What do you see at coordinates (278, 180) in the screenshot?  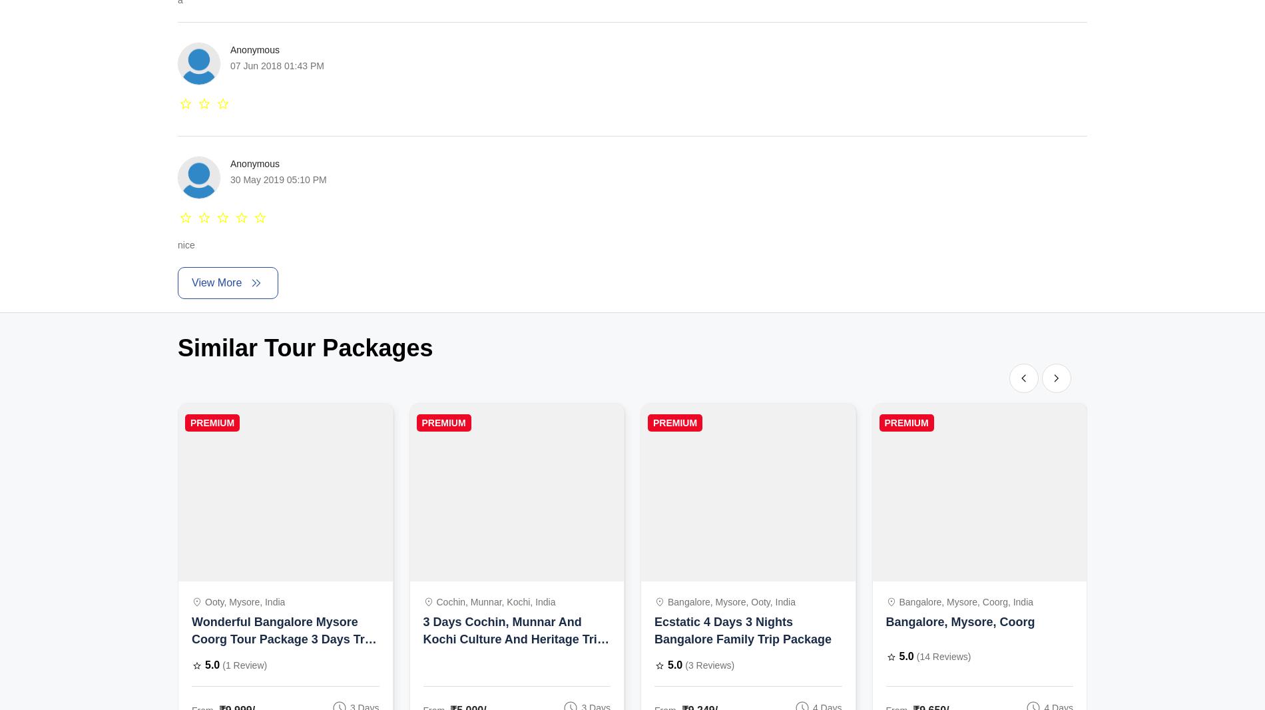 I see `'30 May 2019 05:10 PM'` at bounding box center [278, 180].